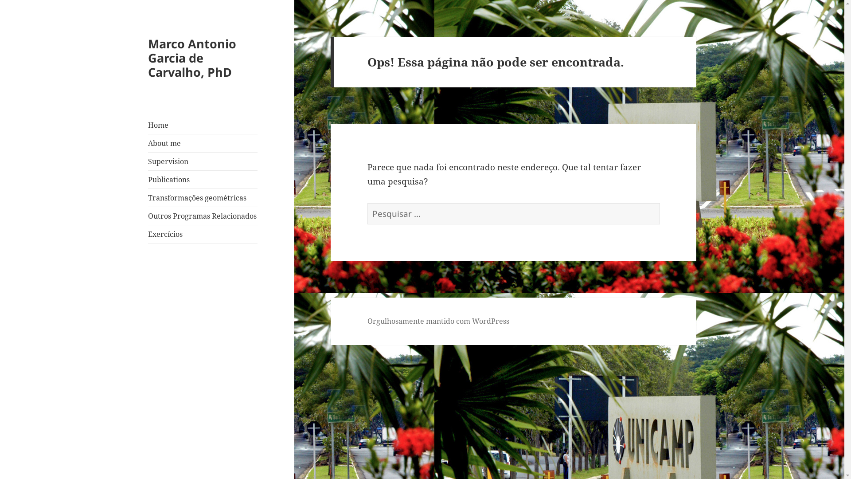  What do you see at coordinates (202, 216) in the screenshot?
I see `'Outros Programas Relacionados'` at bounding box center [202, 216].